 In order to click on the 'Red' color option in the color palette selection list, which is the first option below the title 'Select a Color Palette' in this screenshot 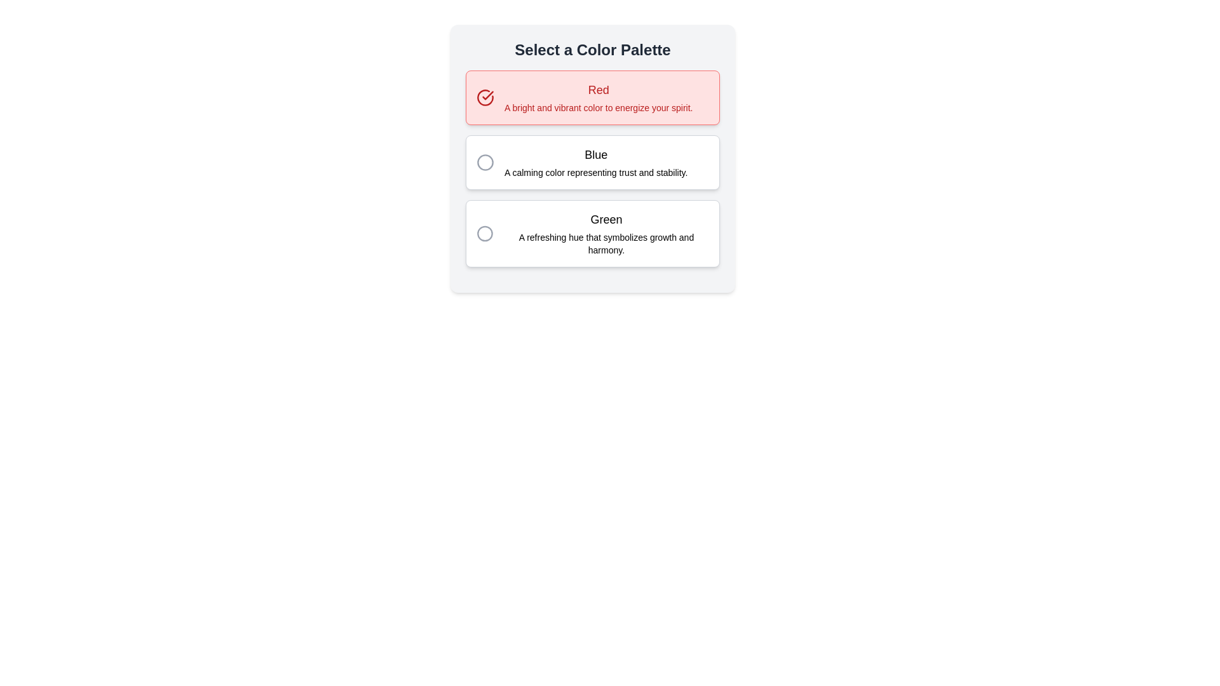, I will do `click(592, 97)`.